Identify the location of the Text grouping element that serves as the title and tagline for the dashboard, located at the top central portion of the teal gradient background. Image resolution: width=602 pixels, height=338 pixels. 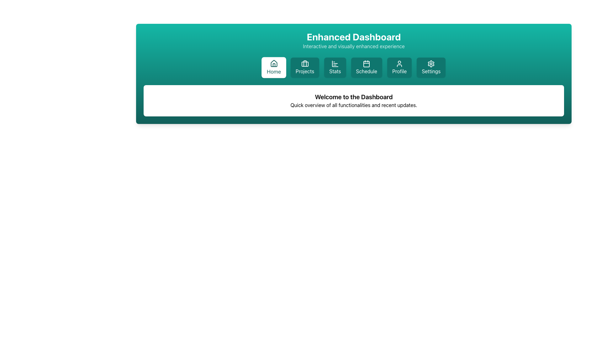
(354, 41).